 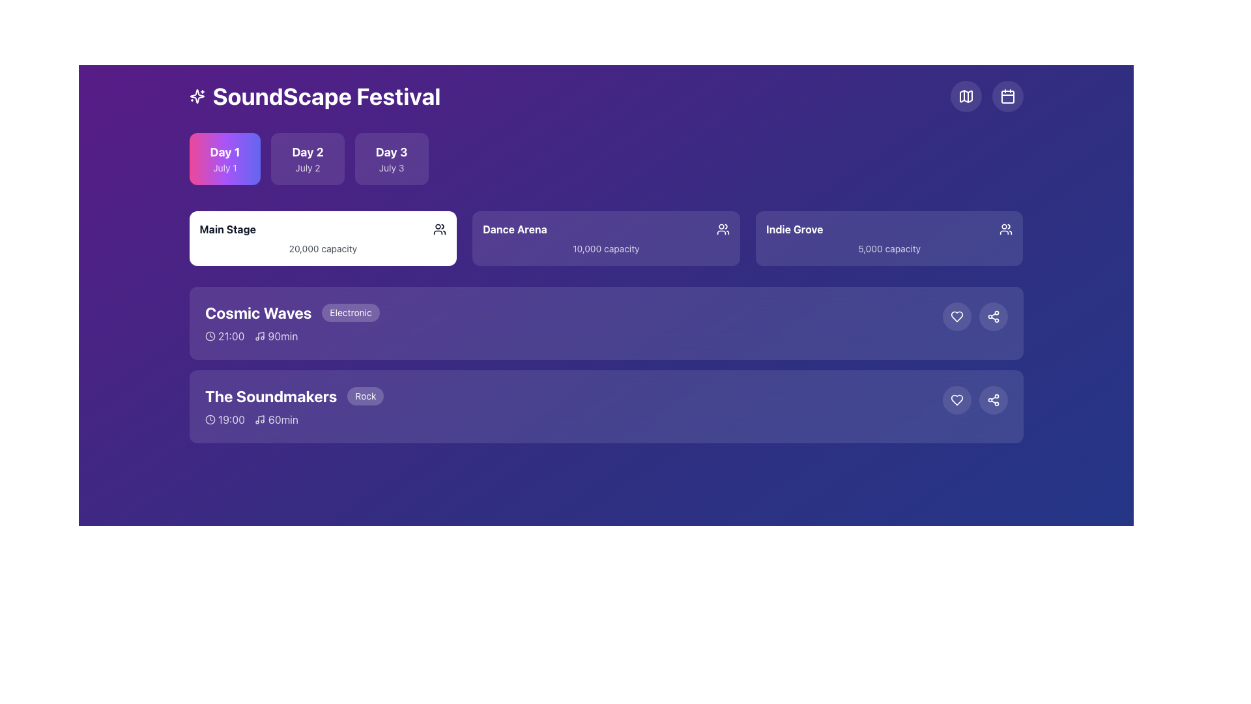 What do you see at coordinates (196, 95) in the screenshot?
I see `the decorative icon located at the top-left corner of the interface, adjacent to the 'SoundScape Festival' heading` at bounding box center [196, 95].